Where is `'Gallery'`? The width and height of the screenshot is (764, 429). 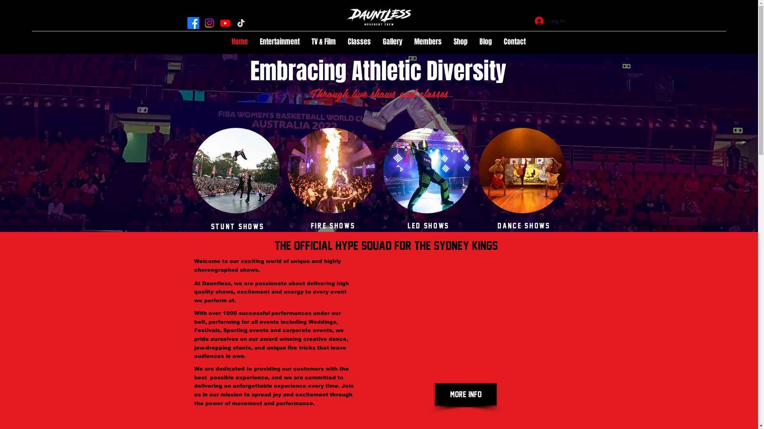 'Gallery' is located at coordinates (392, 42).